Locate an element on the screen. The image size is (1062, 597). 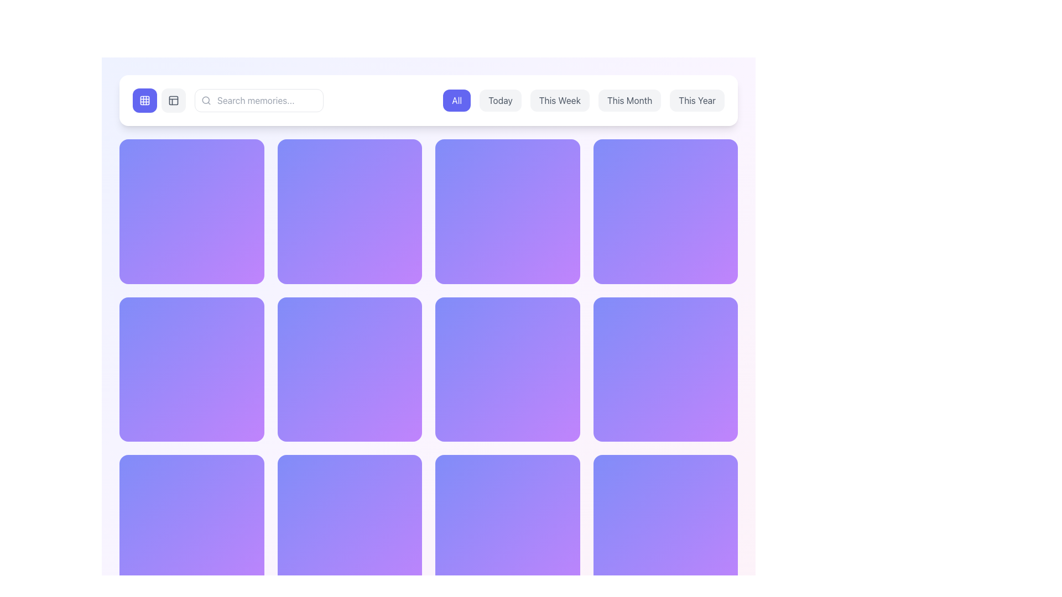
the SVG heart icon located at the bottom left corner of the grid-like card, styled with a stroke outline and a white fill, for visual feedback is located at coordinates (132, 426).